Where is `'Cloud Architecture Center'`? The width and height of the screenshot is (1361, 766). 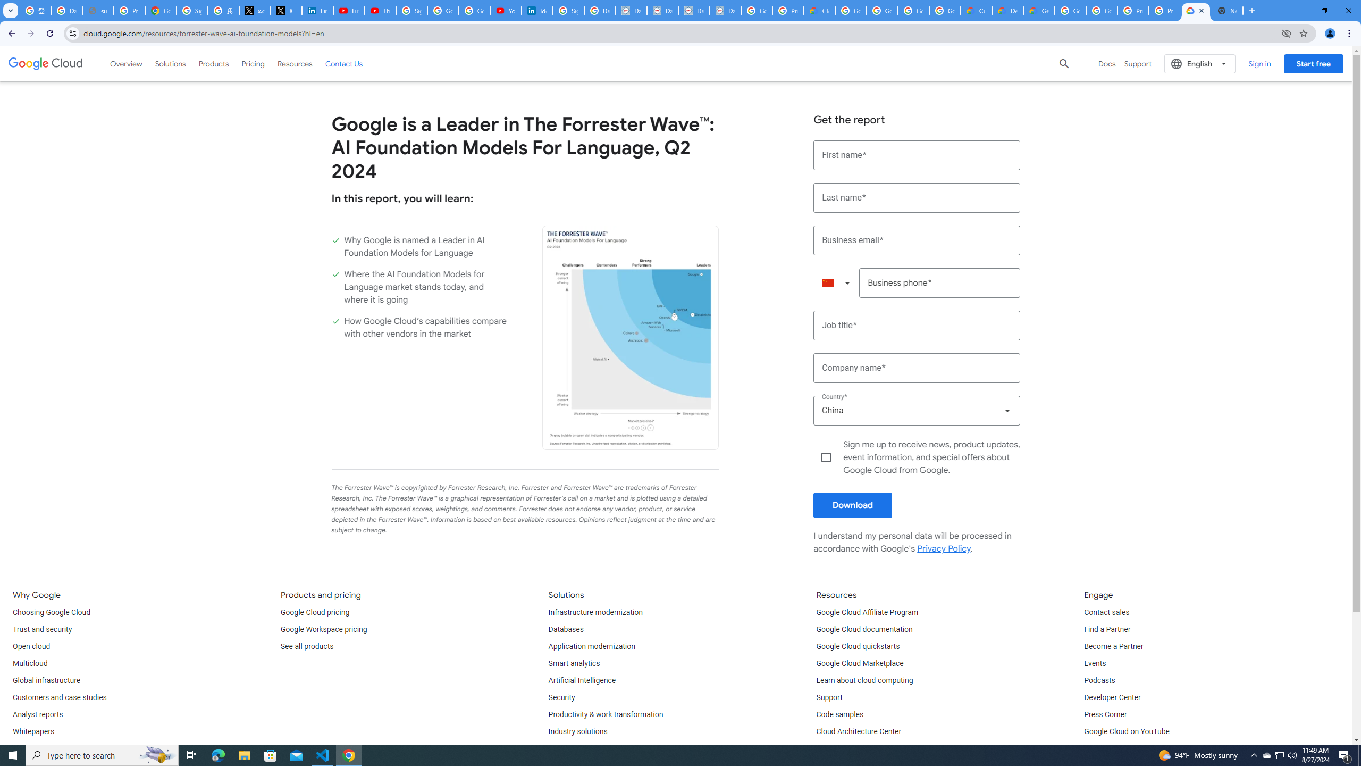
'Cloud Architecture Center' is located at coordinates (858, 731).